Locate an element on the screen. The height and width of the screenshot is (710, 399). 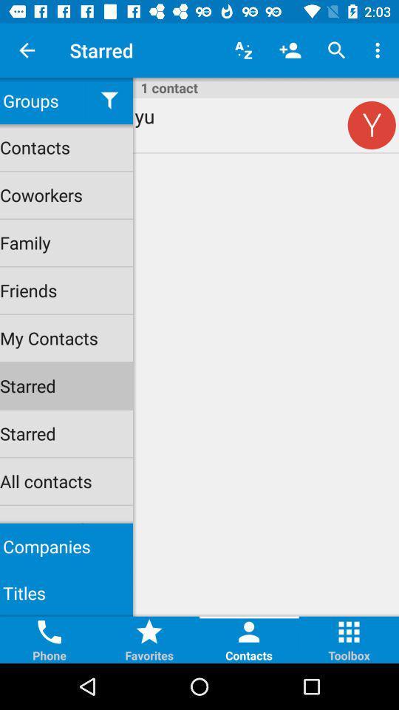
the search button on the web page is located at coordinates (337, 50).